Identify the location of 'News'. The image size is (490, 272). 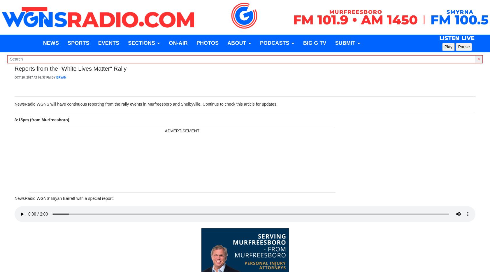
(42, 43).